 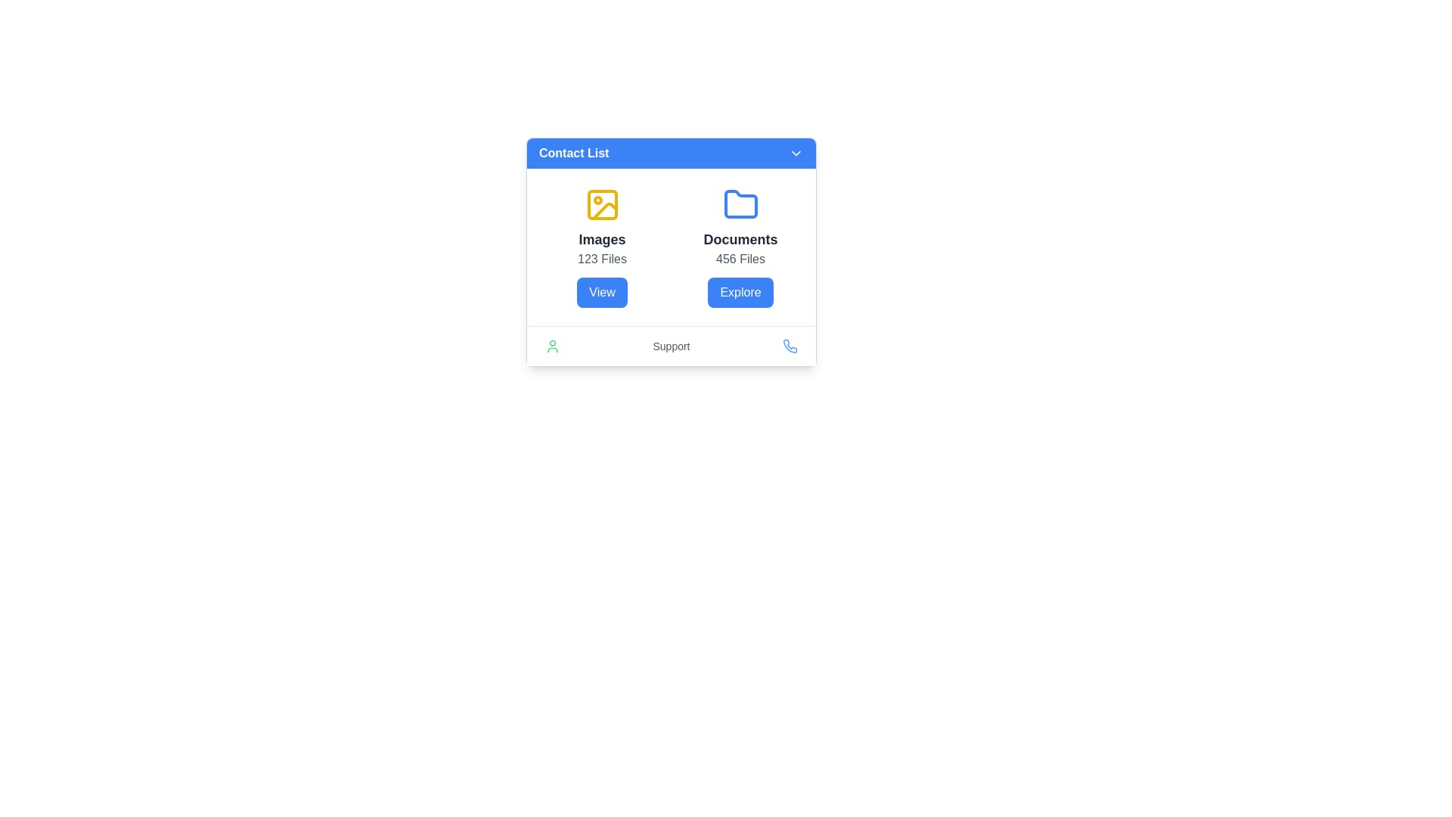 I want to click on the phone icon in the bottom-right corner of the 'Contact List' card to initiate a call, so click(x=790, y=346).